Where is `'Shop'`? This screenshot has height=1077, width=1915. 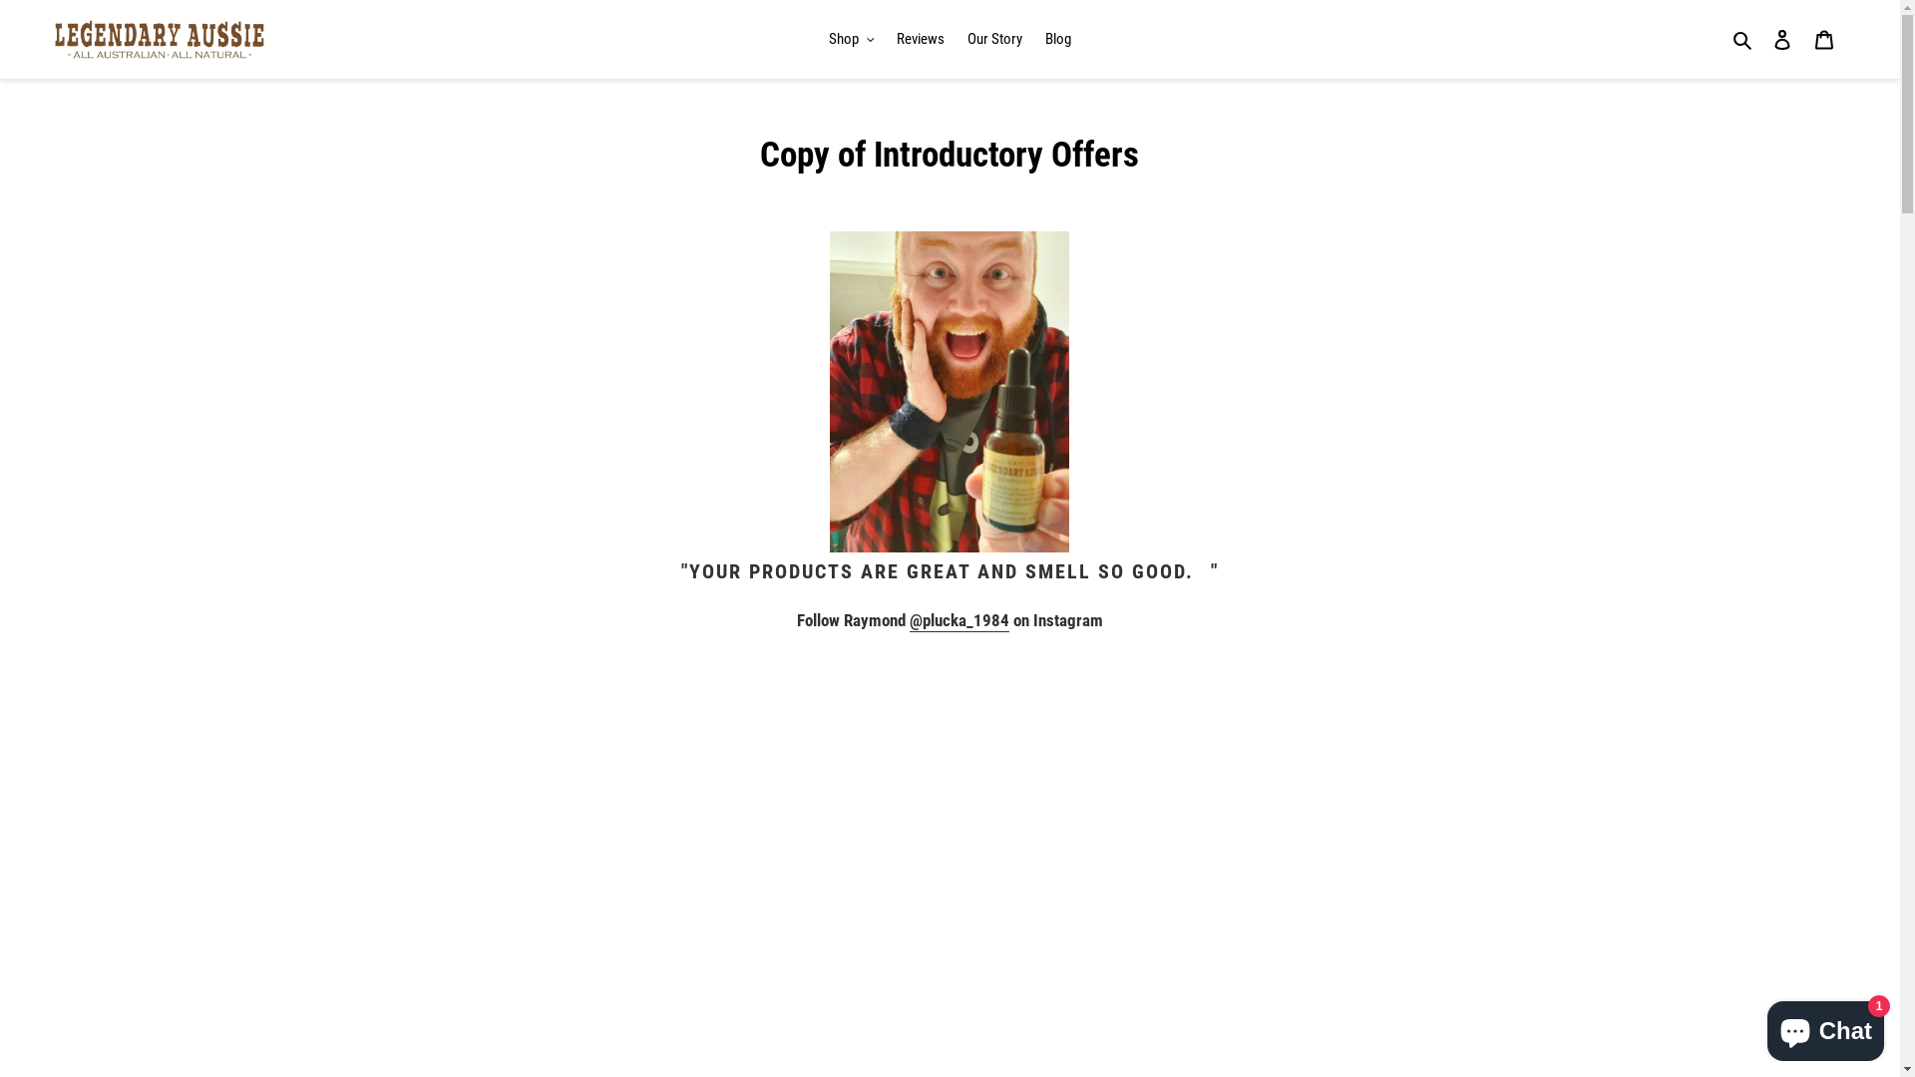
'Shop' is located at coordinates (852, 39).